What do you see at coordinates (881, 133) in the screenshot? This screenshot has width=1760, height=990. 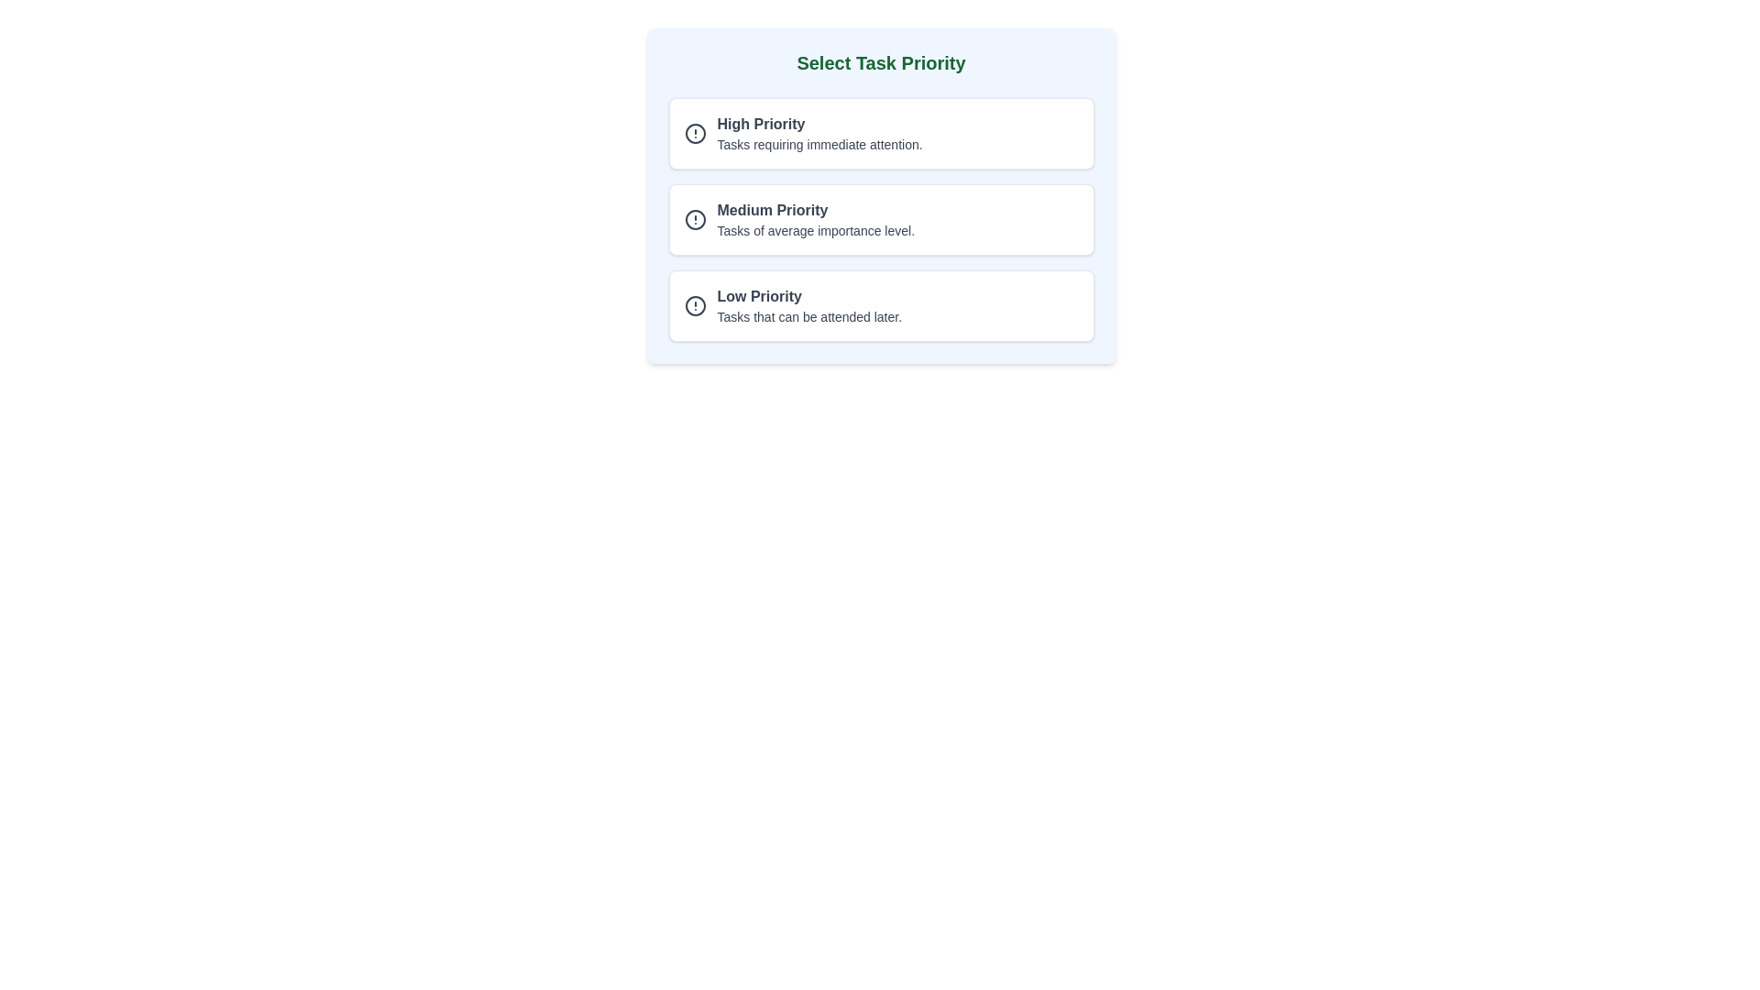 I see `the priority level by clicking the corresponding button: High Priority` at bounding box center [881, 133].